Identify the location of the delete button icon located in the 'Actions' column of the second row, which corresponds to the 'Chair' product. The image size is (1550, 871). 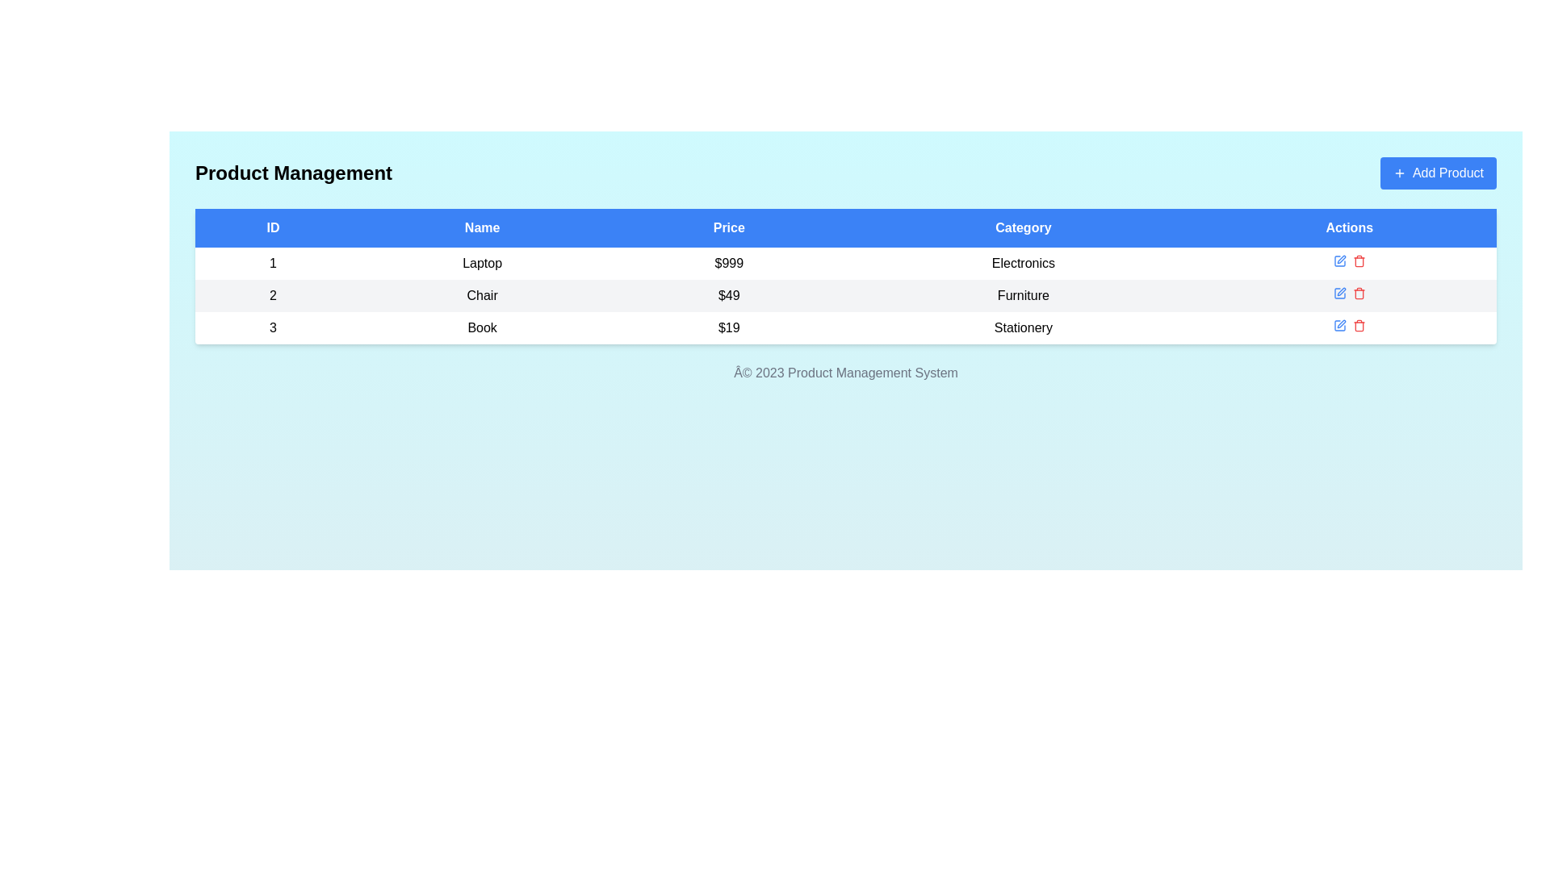
(1358, 293).